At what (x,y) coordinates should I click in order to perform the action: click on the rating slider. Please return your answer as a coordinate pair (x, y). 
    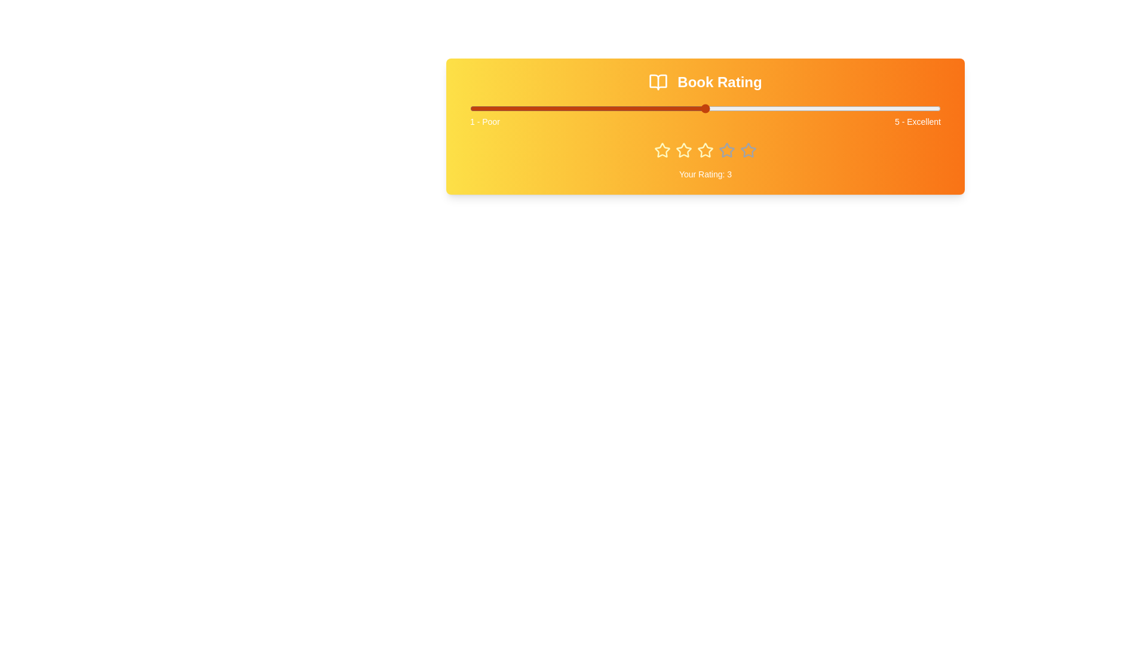
    Looking at the image, I should click on (470, 108).